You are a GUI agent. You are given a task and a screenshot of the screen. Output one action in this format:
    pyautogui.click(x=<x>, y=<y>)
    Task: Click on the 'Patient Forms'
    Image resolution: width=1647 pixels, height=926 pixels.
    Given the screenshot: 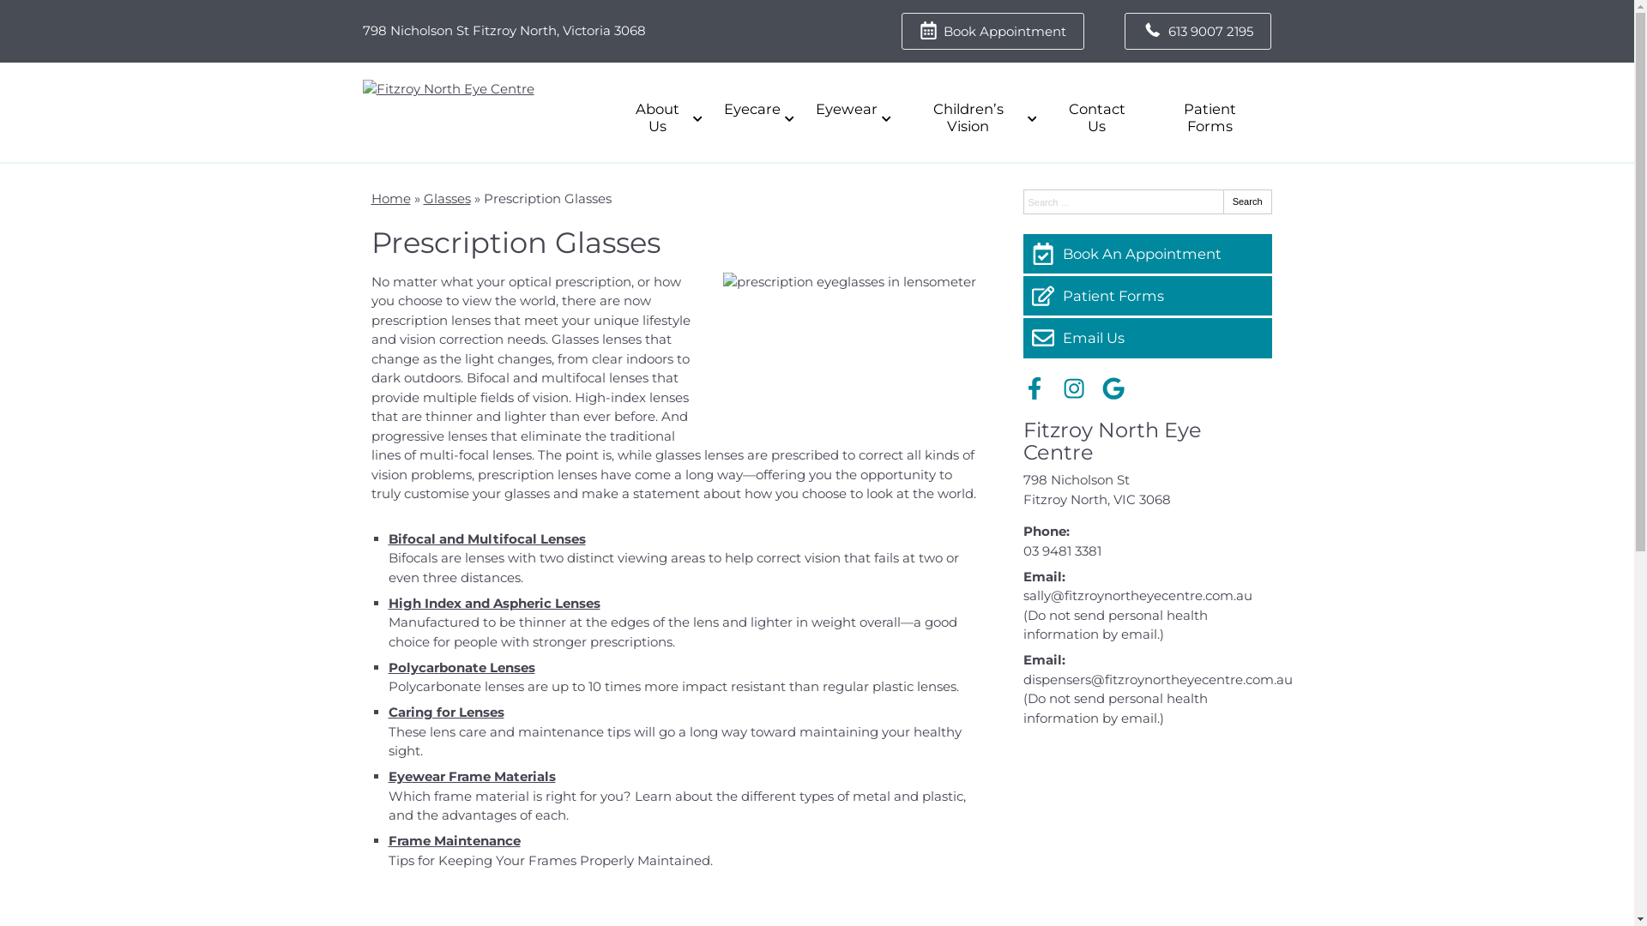 What is the action you would take?
    pyautogui.click(x=1147, y=294)
    